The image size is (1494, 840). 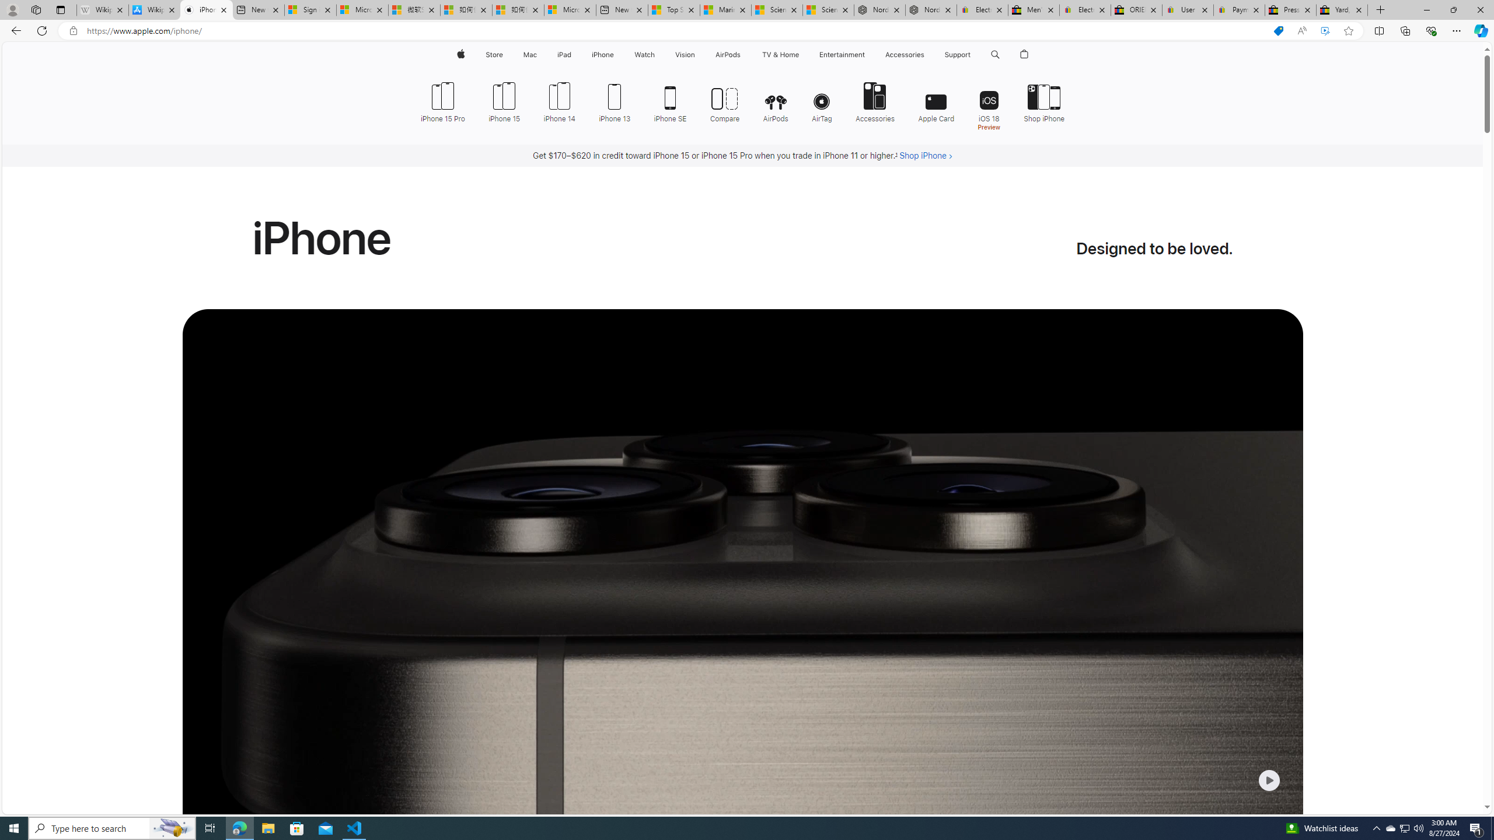 What do you see at coordinates (493, 54) in the screenshot?
I see `'Store'` at bounding box center [493, 54].